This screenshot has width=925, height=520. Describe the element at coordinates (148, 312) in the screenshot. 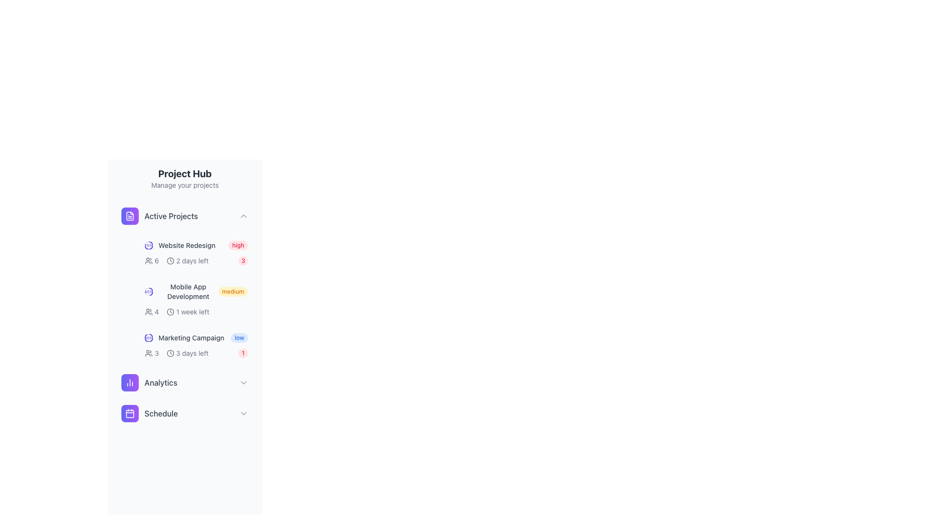

I see `the icon representing the number of participants associated with the 'Mobile App Development' project, located below the project title and to the left of the numeric label '4'` at that location.